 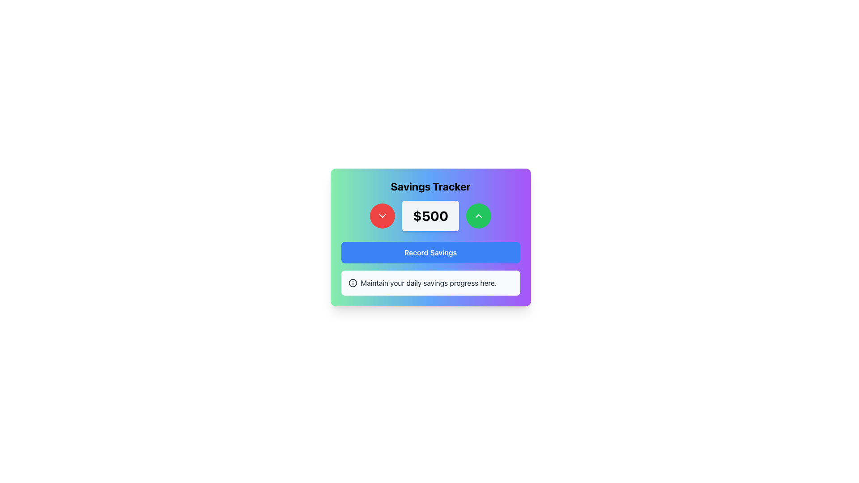 I want to click on the 'Record Savings' button located below the '$500' text and above the description 'Maintain your daily savings progress here.', so click(x=430, y=252).